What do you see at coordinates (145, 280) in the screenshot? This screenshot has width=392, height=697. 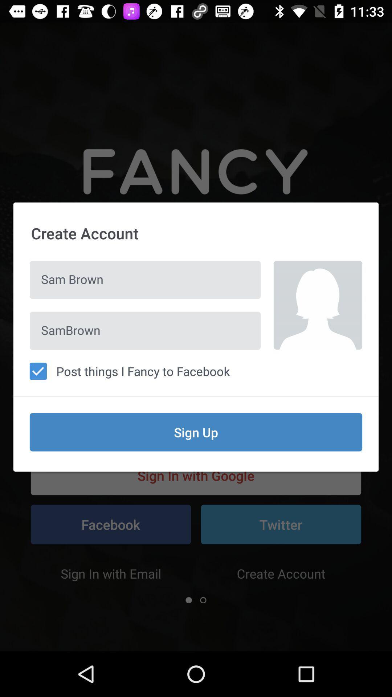 I see `the item above the sambrown` at bounding box center [145, 280].